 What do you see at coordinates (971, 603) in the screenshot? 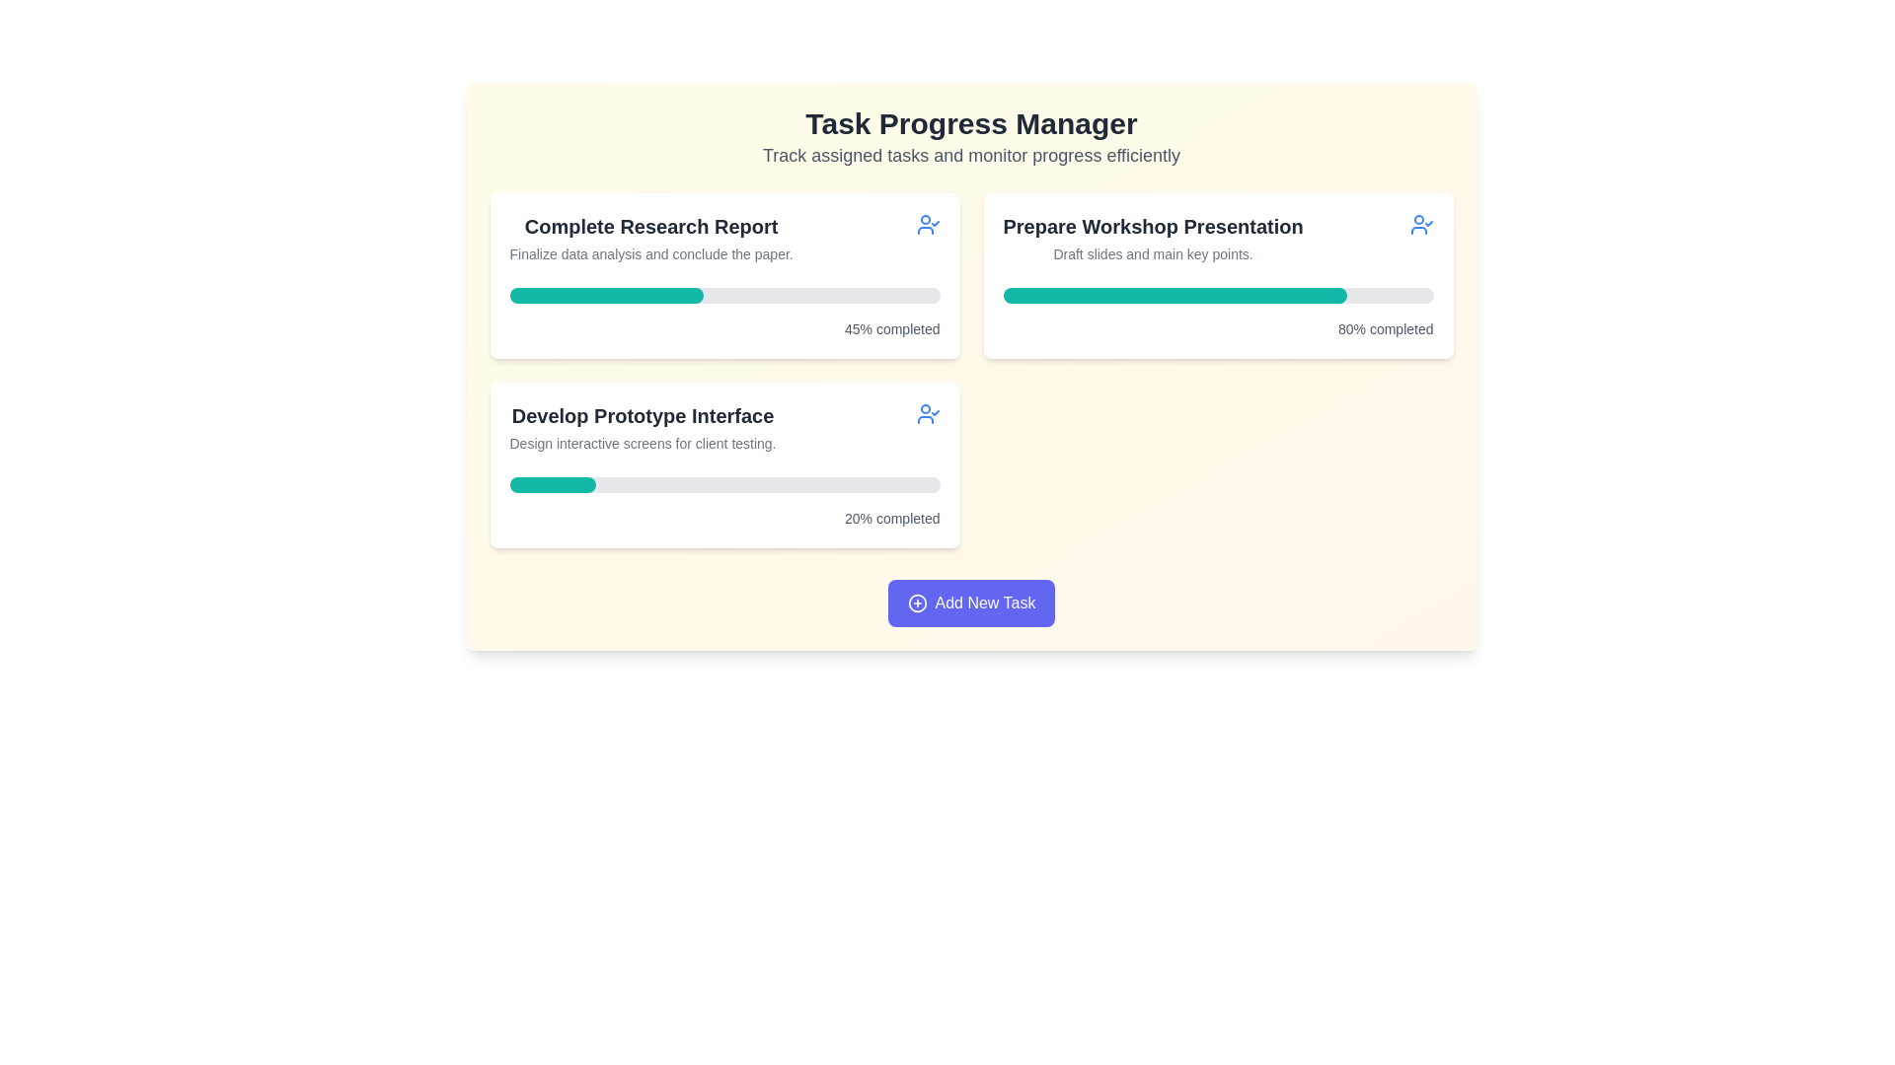
I see `the button located at the bottom center of the task manager section` at bounding box center [971, 603].